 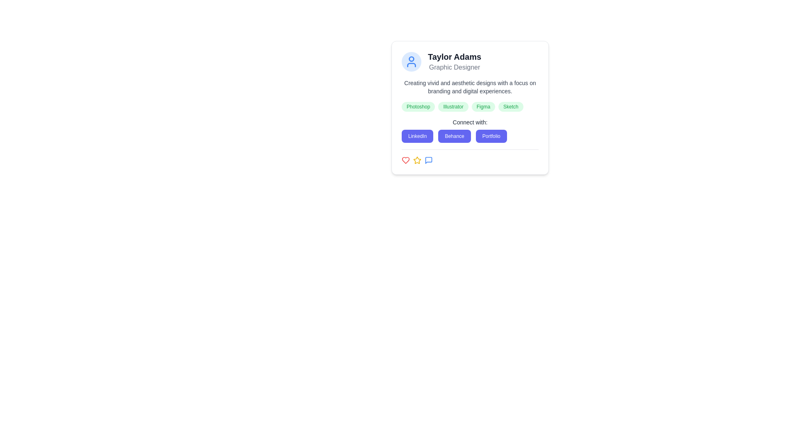 What do you see at coordinates (411, 61) in the screenshot?
I see `the user profile SVG icon, which is filled with a blue tint and located within a light blue circular background, situated above the text 'Taylor Adams'` at bounding box center [411, 61].